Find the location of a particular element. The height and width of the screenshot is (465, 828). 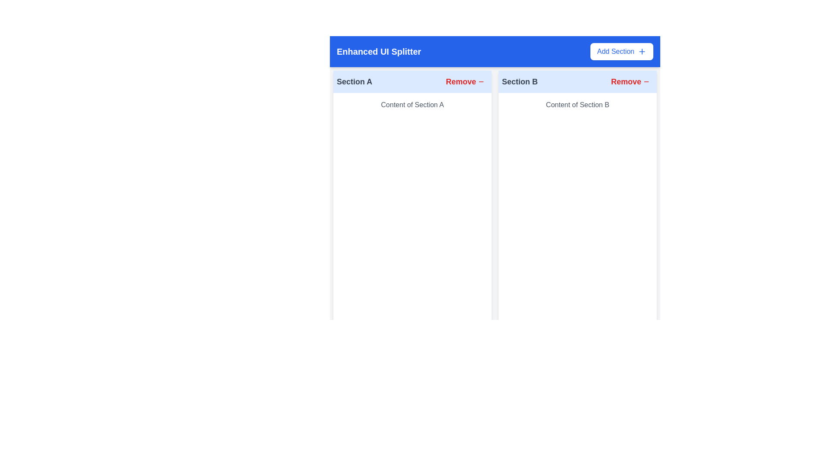

the icon representing the add functionality located on the right end of the 'Add Section' button is located at coordinates (642, 51).